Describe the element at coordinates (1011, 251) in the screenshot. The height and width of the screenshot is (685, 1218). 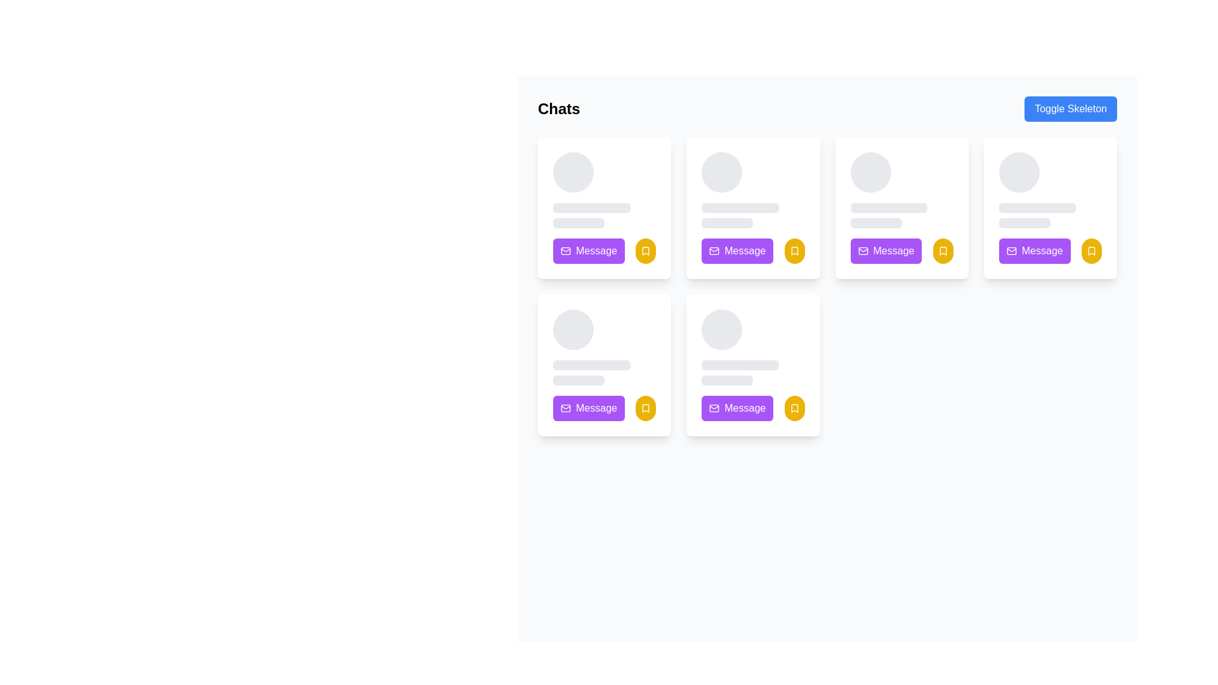
I see `mail envelope icon represented as an SVG Vector Graphic Component, located in the third user card on the top row of the grid` at that location.